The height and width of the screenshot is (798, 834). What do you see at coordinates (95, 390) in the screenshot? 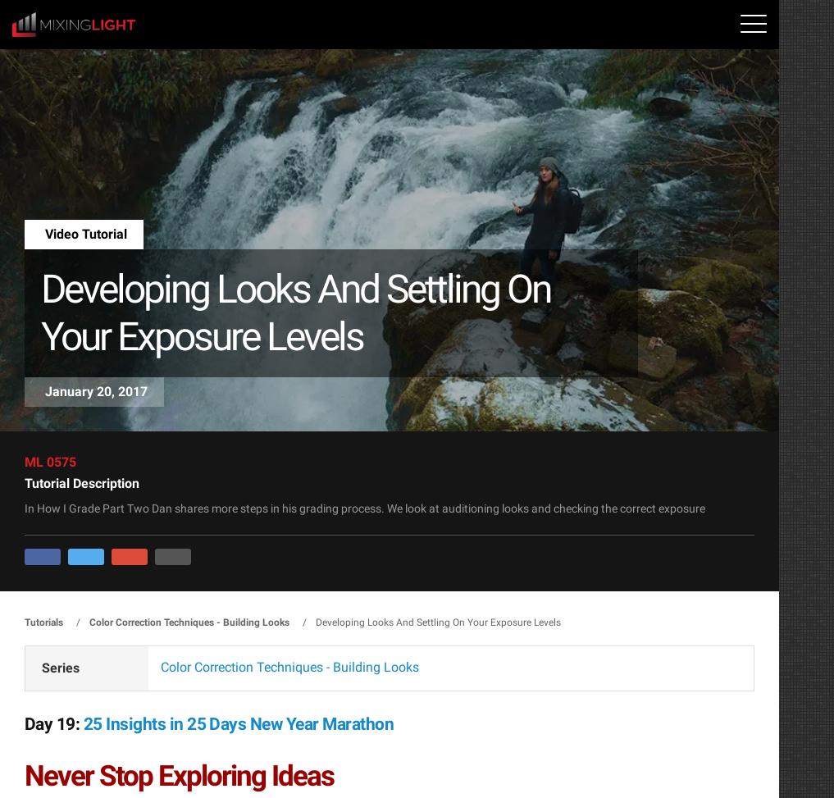
I see `'January 20, 2017'` at bounding box center [95, 390].